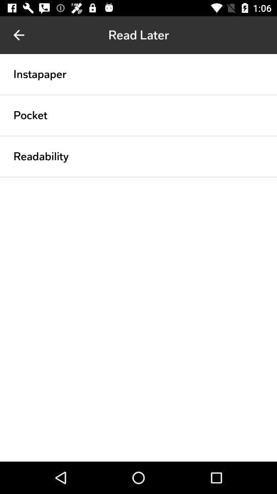 The image size is (277, 494). Describe the element at coordinates (41, 156) in the screenshot. I see `readability icon` at that location.